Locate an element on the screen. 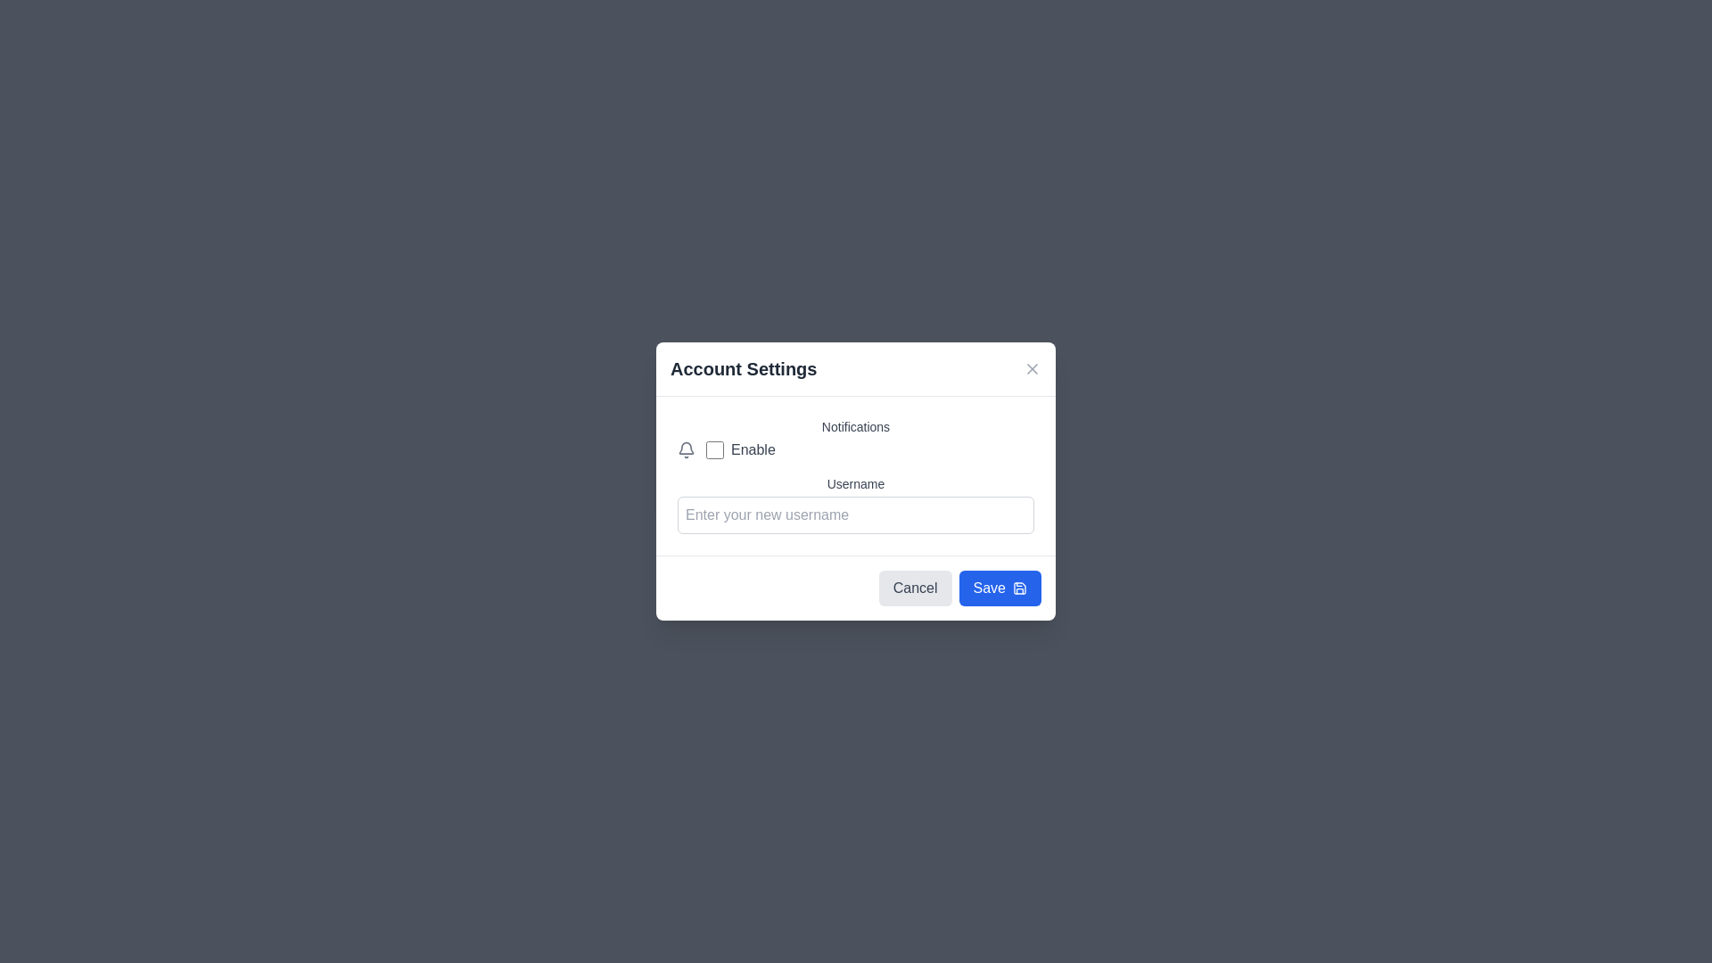  the checkbox located next to the 'Enable' text in the settings interface is located at coordinates (714, 449).